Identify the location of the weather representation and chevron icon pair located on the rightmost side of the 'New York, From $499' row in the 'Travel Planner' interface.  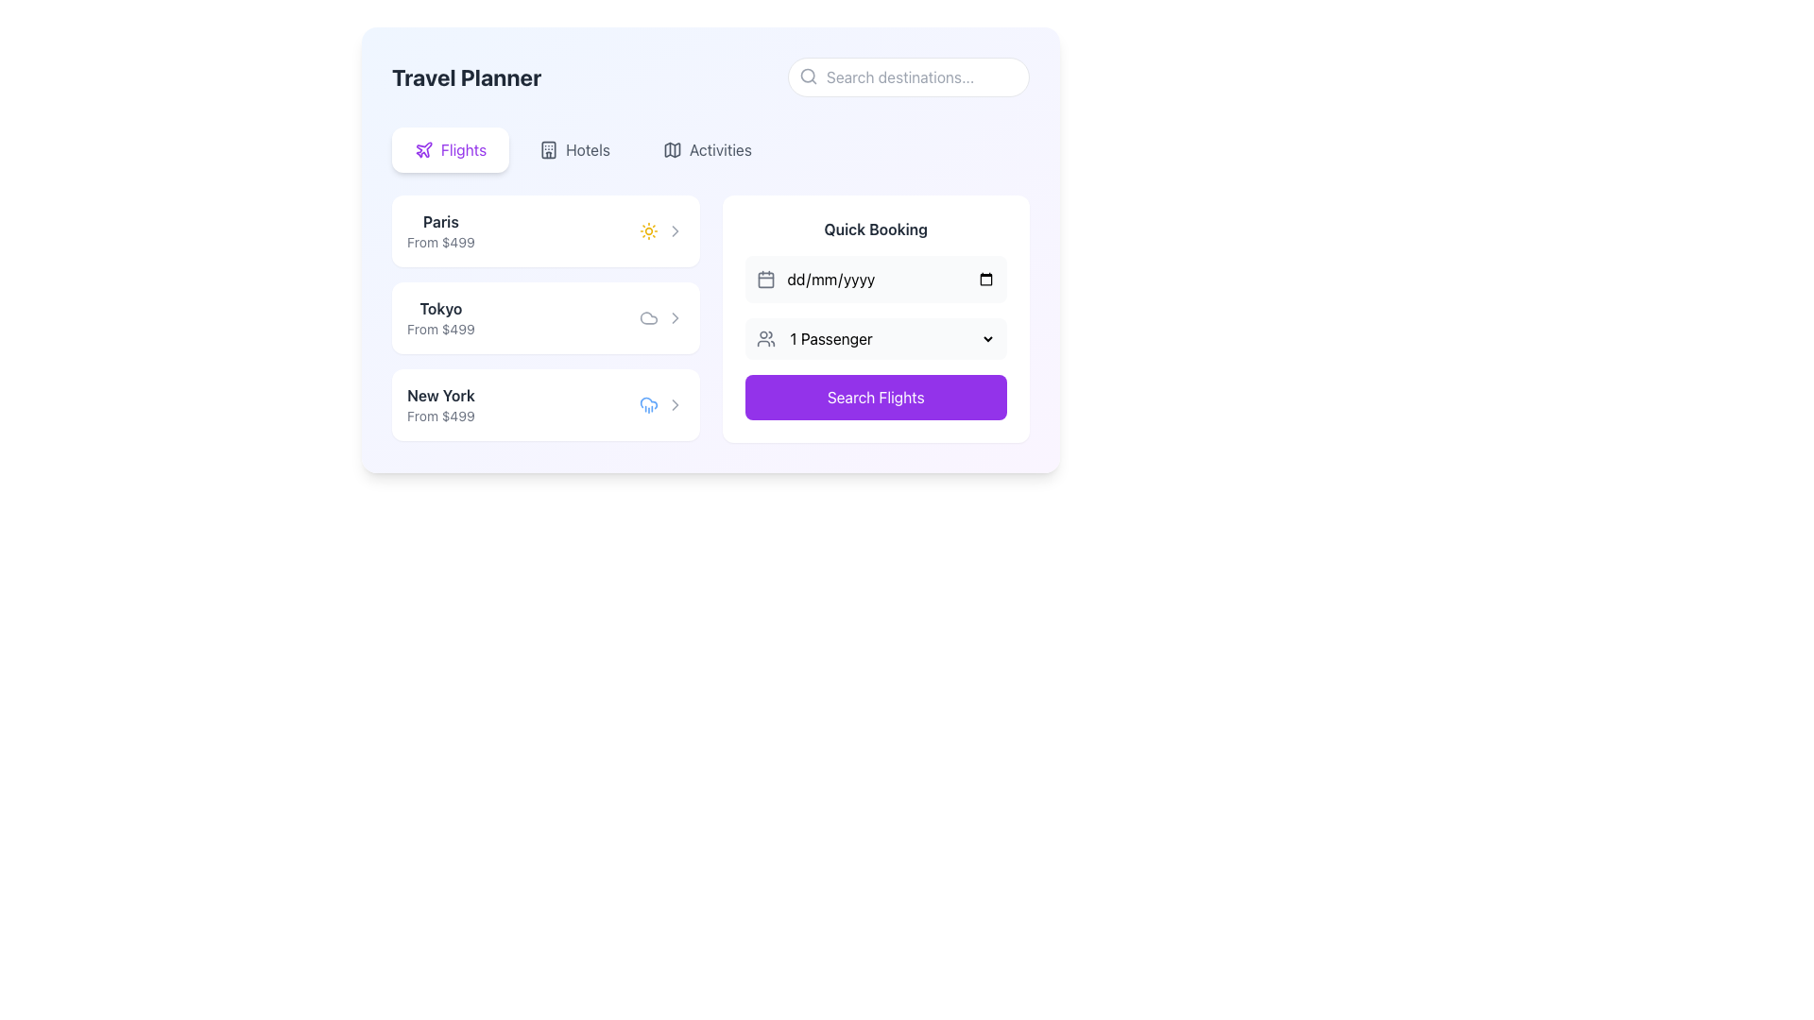
(661, 403).